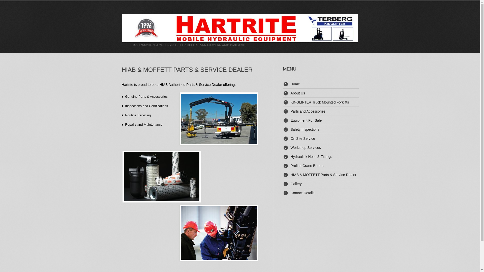  What do you see at coordinates (290, 111) in the screenshot?
I see `'Parts and Accessories'` at bounding box center [290, 111].